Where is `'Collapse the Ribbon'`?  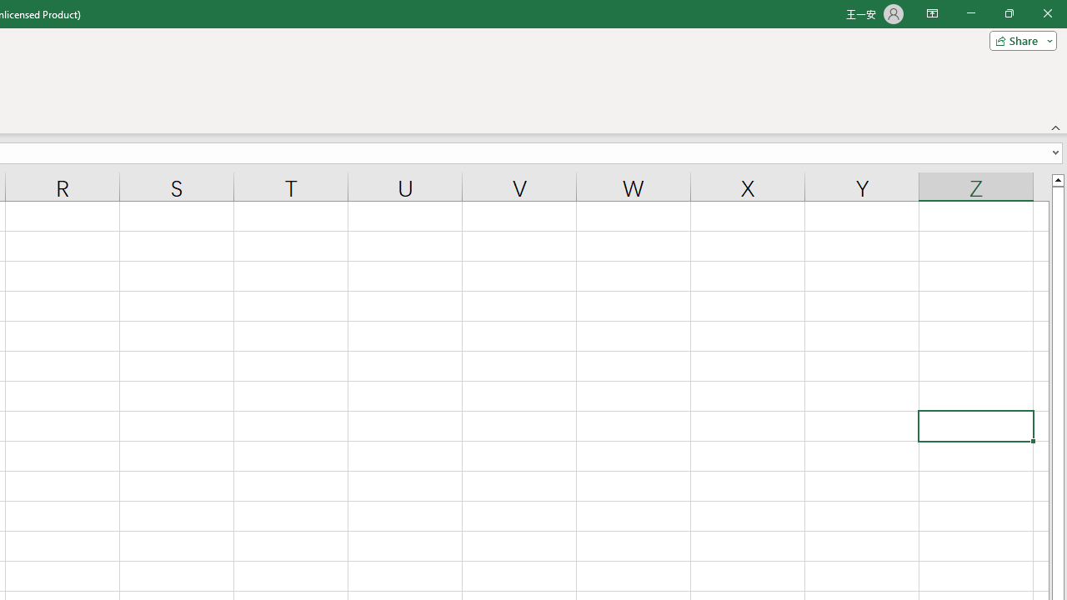
'Collapse the Ribbon' is located at coordinates (1055, 127).